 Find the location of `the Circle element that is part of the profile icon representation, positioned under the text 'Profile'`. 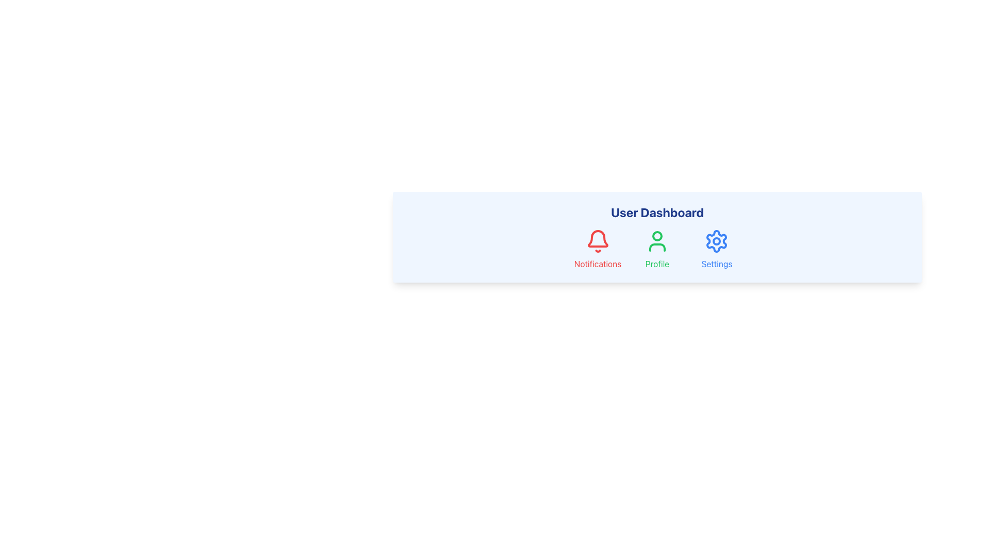

the Circle element that is part of the profile icon representation, positioned under the text 'Profile' is located at coordinates (657, 236).